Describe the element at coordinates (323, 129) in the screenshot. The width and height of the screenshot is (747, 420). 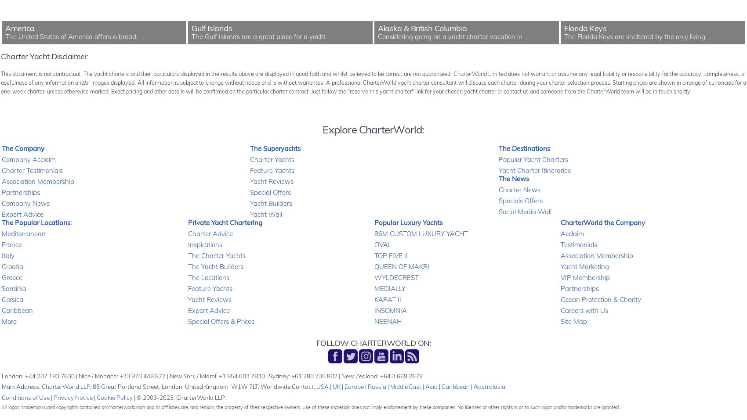
I see `'Explore CharterWorld:'` at that location.